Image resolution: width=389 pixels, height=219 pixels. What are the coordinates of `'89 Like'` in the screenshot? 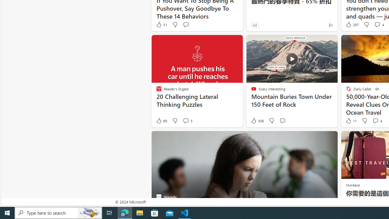 It's located at (161, 121).